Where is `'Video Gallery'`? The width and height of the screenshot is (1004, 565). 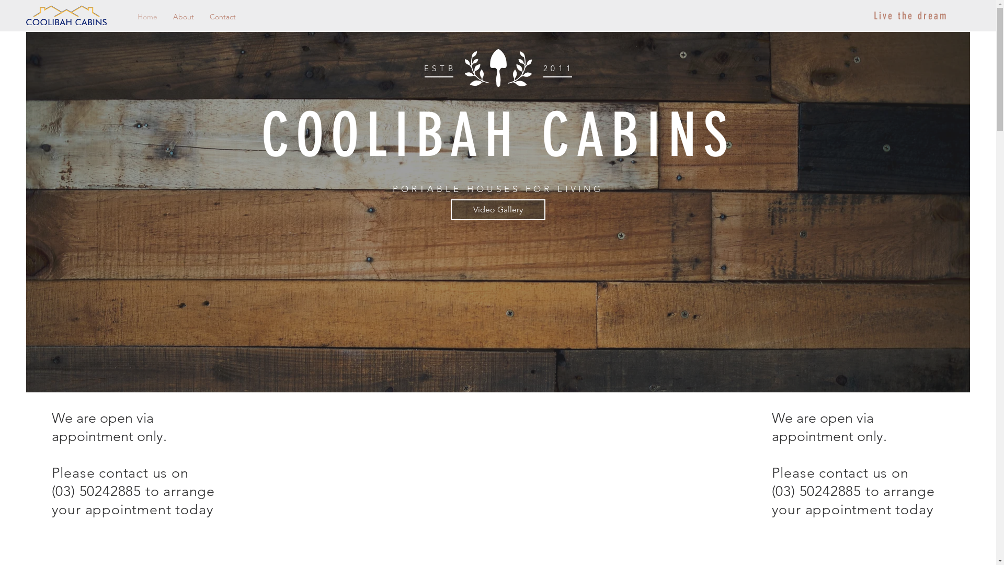
'Video Gallery' is located at coordinates (451, 210).